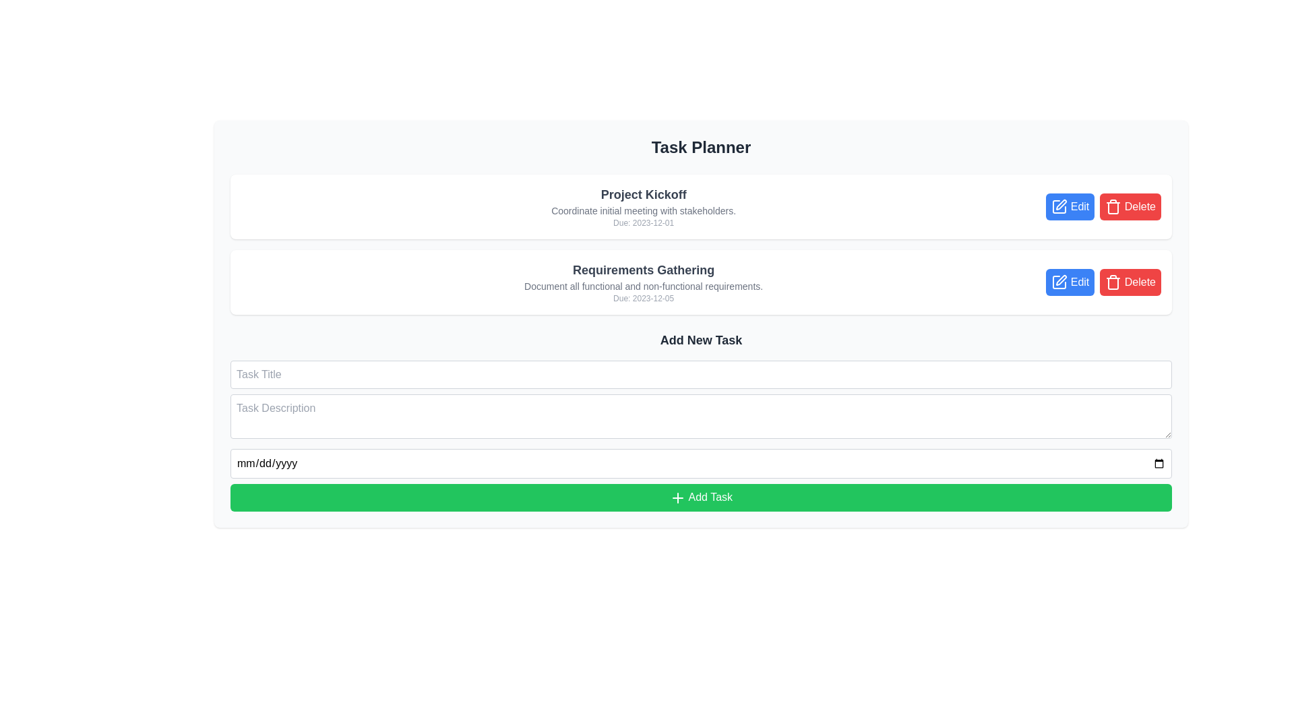  Describe the element at coordinates (1070, 282) in the screenshot. I see `the edit button located to the left of the red 'Delete' button in the second task row under the 'Requirements Gathering' header to initiate the edit functionality` at that location.